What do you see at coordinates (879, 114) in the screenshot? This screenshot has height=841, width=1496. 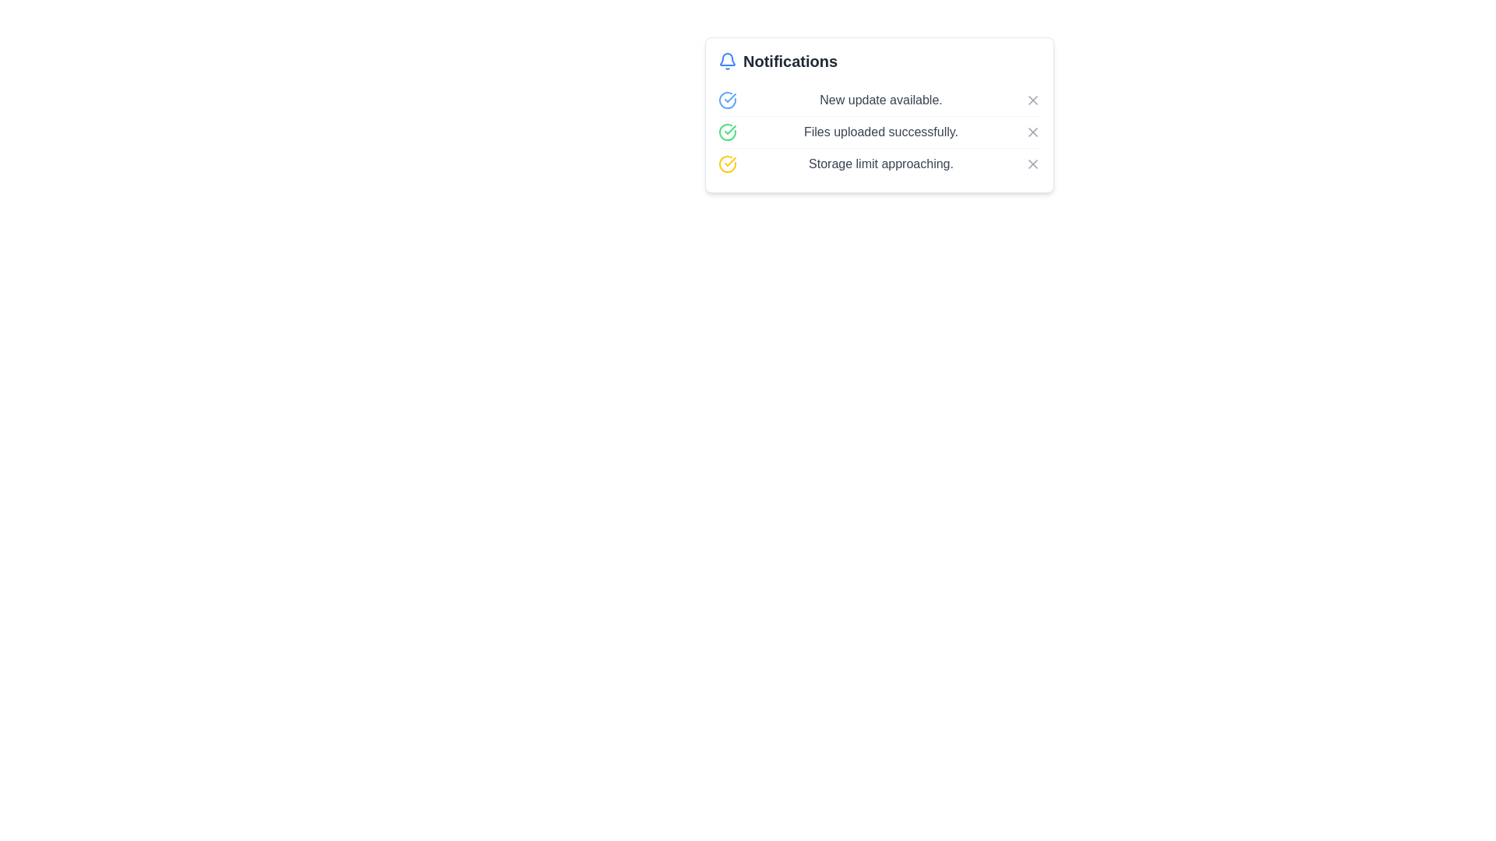 I see `notifications from the Notification panel, which displays recent notifications or system messages to the user` at bounding box center [879, 114].